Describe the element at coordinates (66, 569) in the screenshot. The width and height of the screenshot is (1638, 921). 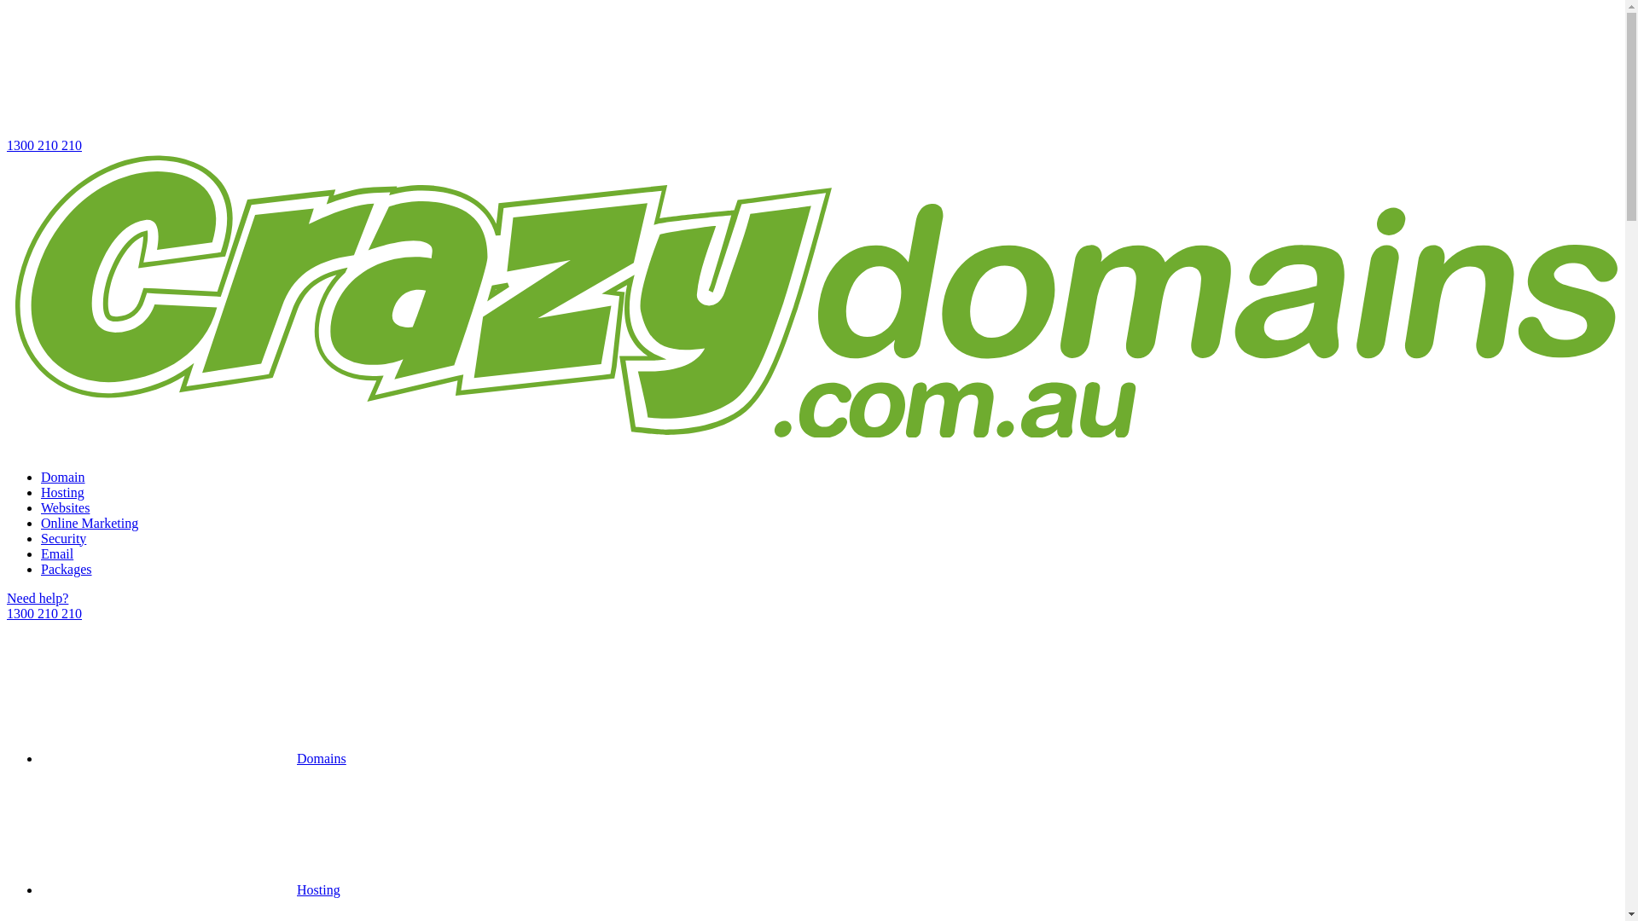
I see `'Packages'` at that location.